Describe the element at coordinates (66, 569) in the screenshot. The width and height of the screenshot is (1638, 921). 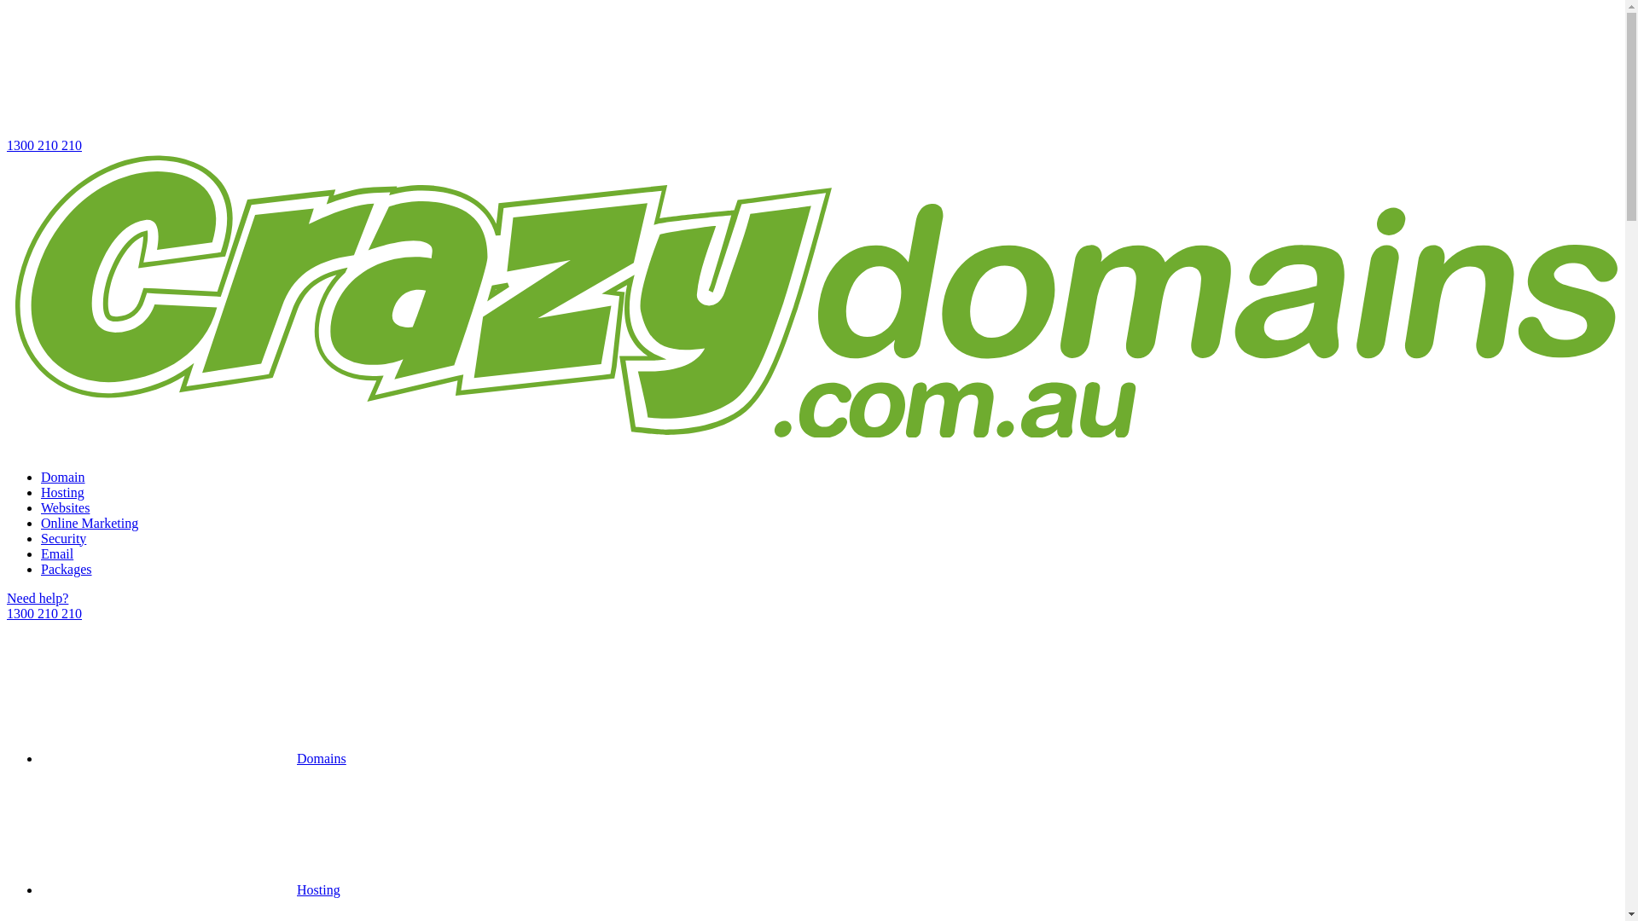
I see `'Packages'` at that location.